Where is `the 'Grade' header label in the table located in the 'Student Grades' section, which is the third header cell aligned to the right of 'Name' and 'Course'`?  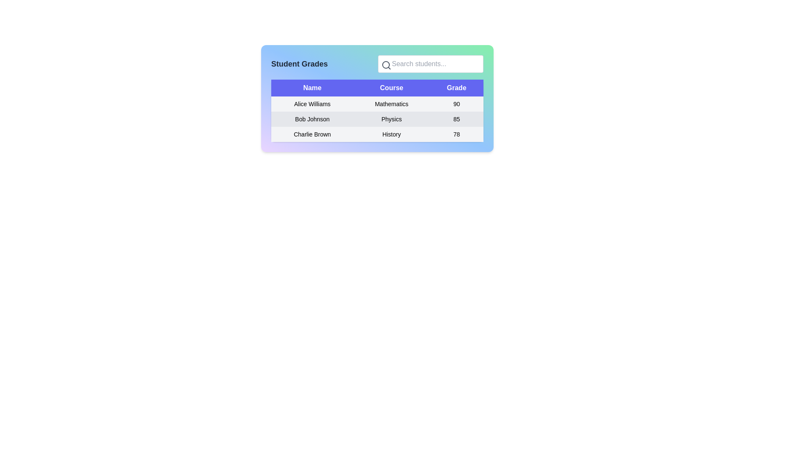
the 'Grade' header label in the table located in the 'Student Grades' section, which is the third header cell aligned to the right of 'Name' and 'Course' is located at coordinates (456, 88).